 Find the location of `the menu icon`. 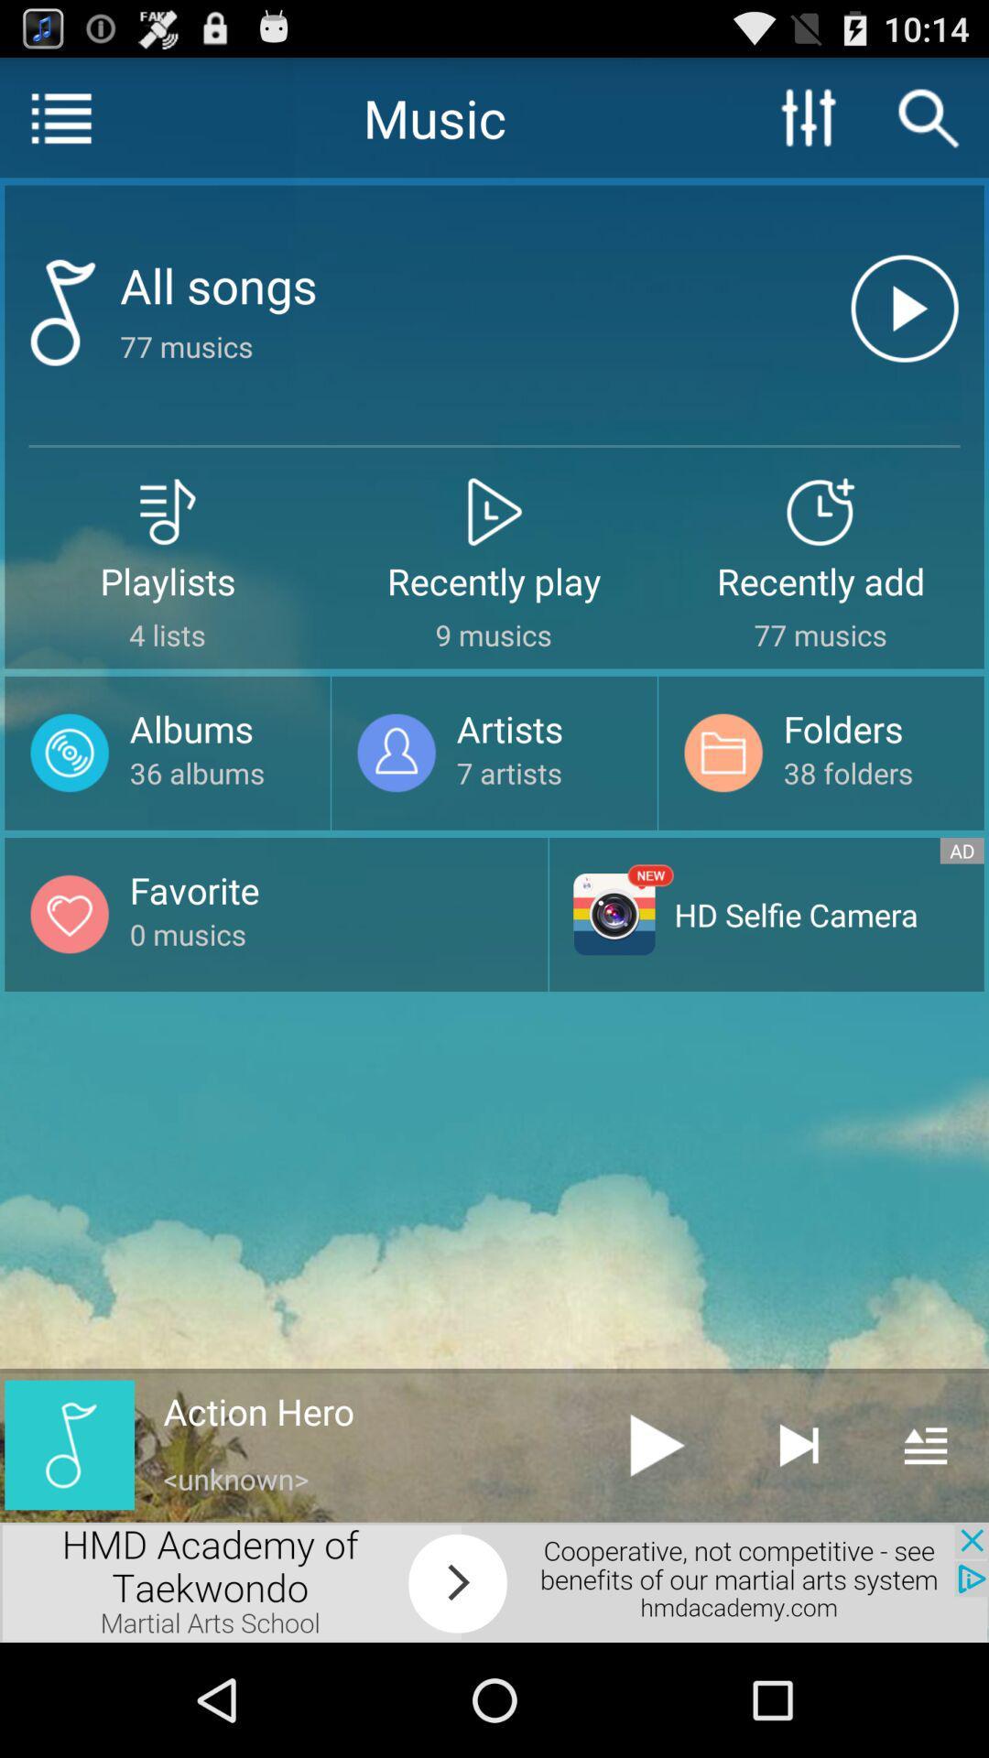

the menu icon is located at coordinates (925, 1546).